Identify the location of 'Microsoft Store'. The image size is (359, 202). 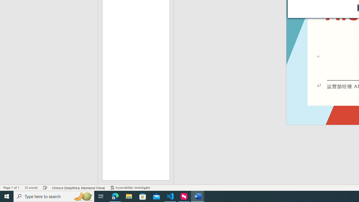
(143, 196).